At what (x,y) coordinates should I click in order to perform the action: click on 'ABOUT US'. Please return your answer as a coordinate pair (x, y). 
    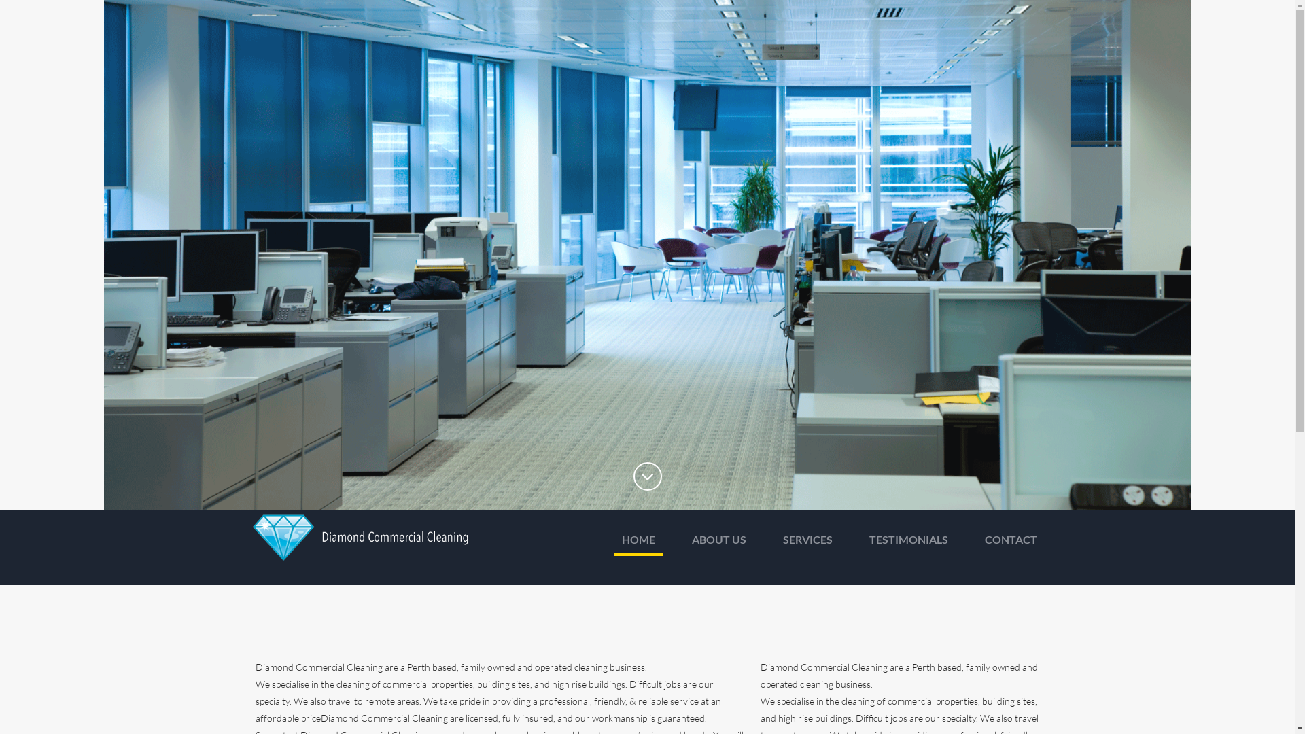
    Looking at the image, I should click on (718, 542).